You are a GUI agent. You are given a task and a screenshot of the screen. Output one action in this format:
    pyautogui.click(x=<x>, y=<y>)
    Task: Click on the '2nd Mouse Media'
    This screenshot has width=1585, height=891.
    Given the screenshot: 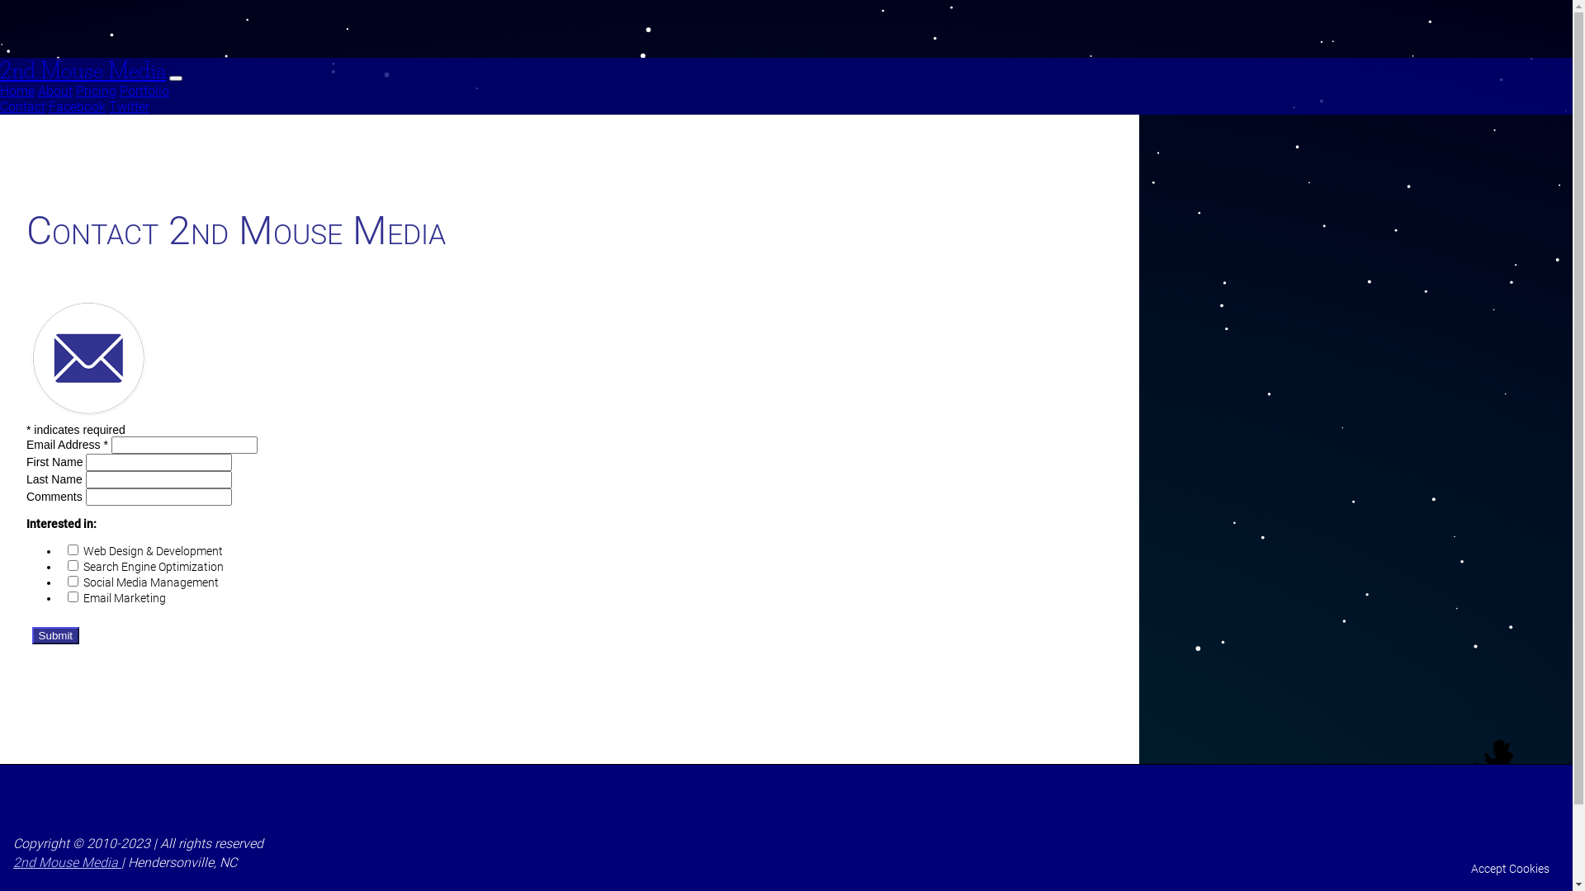 What is the action you would take?
    pyautogui.click(x=12, y=861)
    